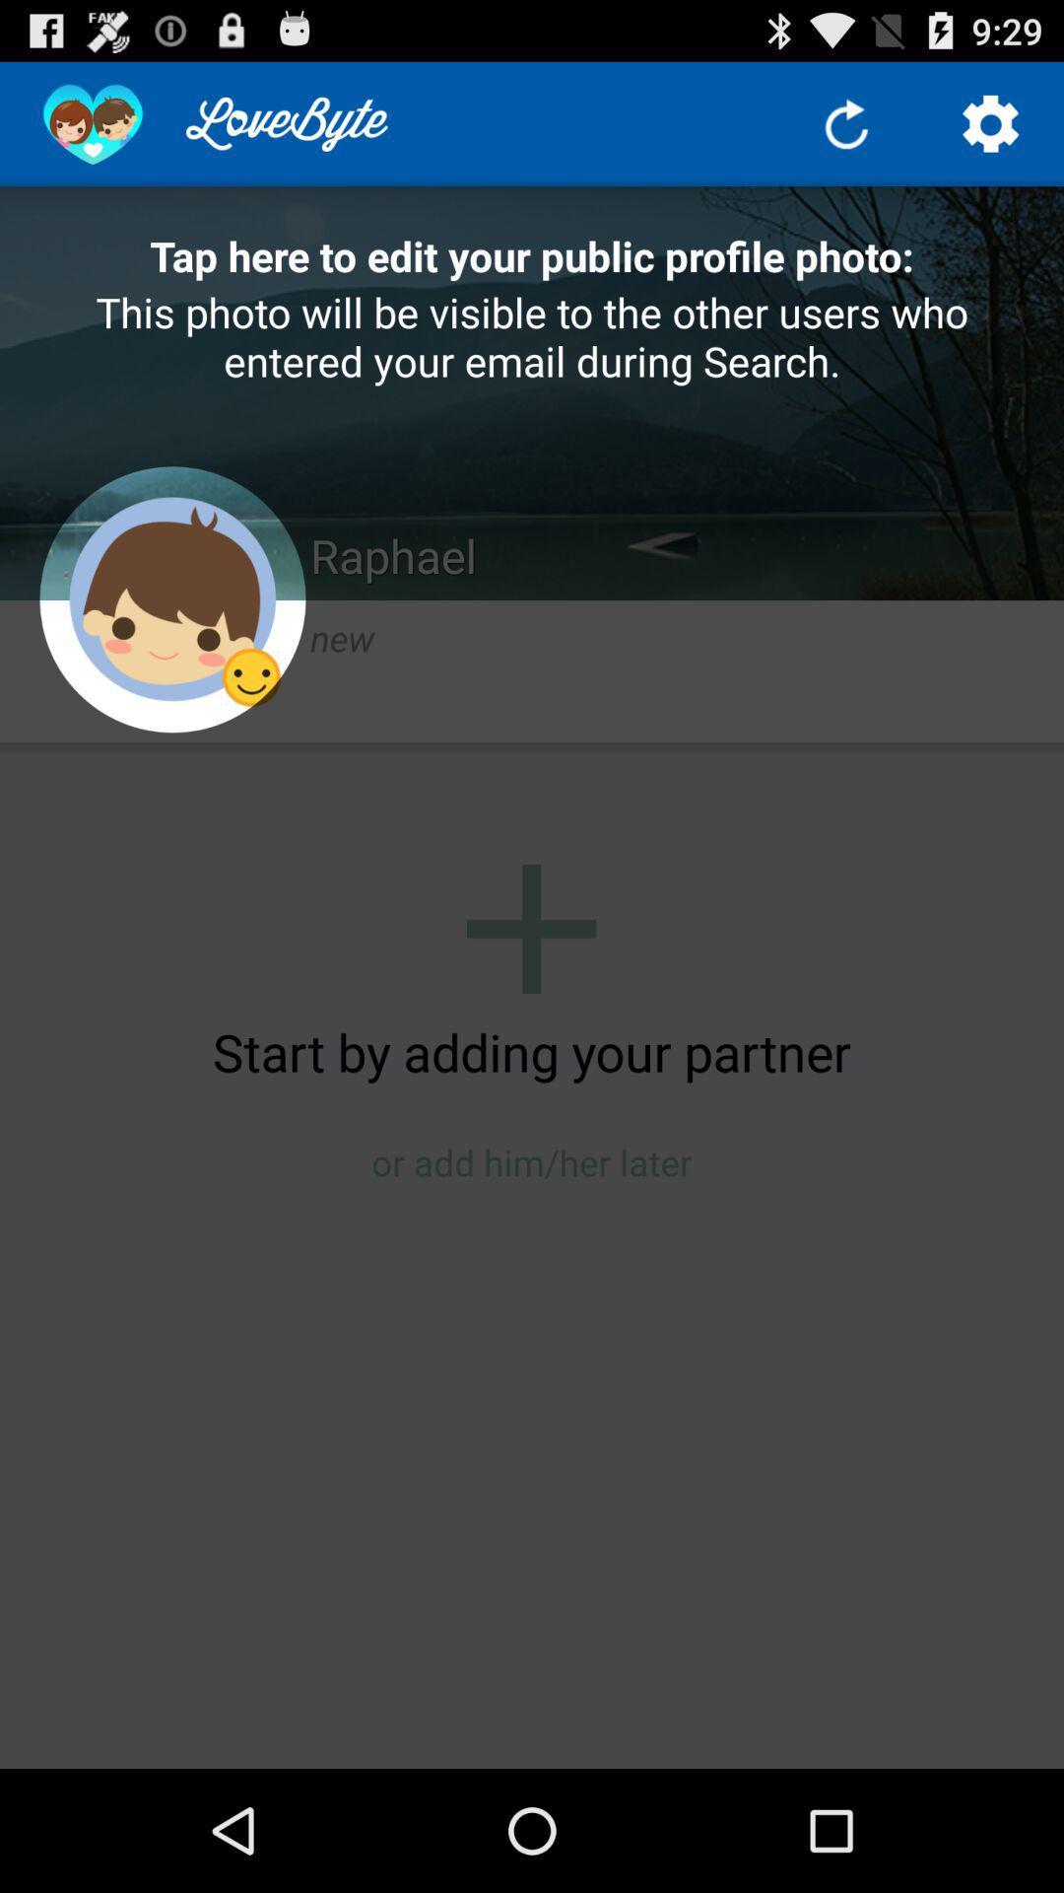  Describe the element at coordinates (845, 122) in the screenshot. I see `refresh` at that location.